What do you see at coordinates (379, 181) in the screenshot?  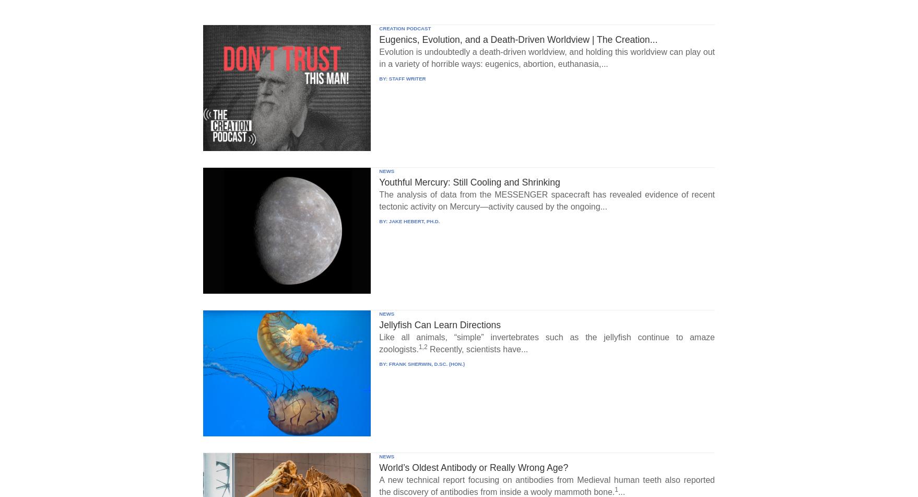 I see `'Youthful Mercury: Still Cooling and Shrinking'` at bounding box center [379, 181].